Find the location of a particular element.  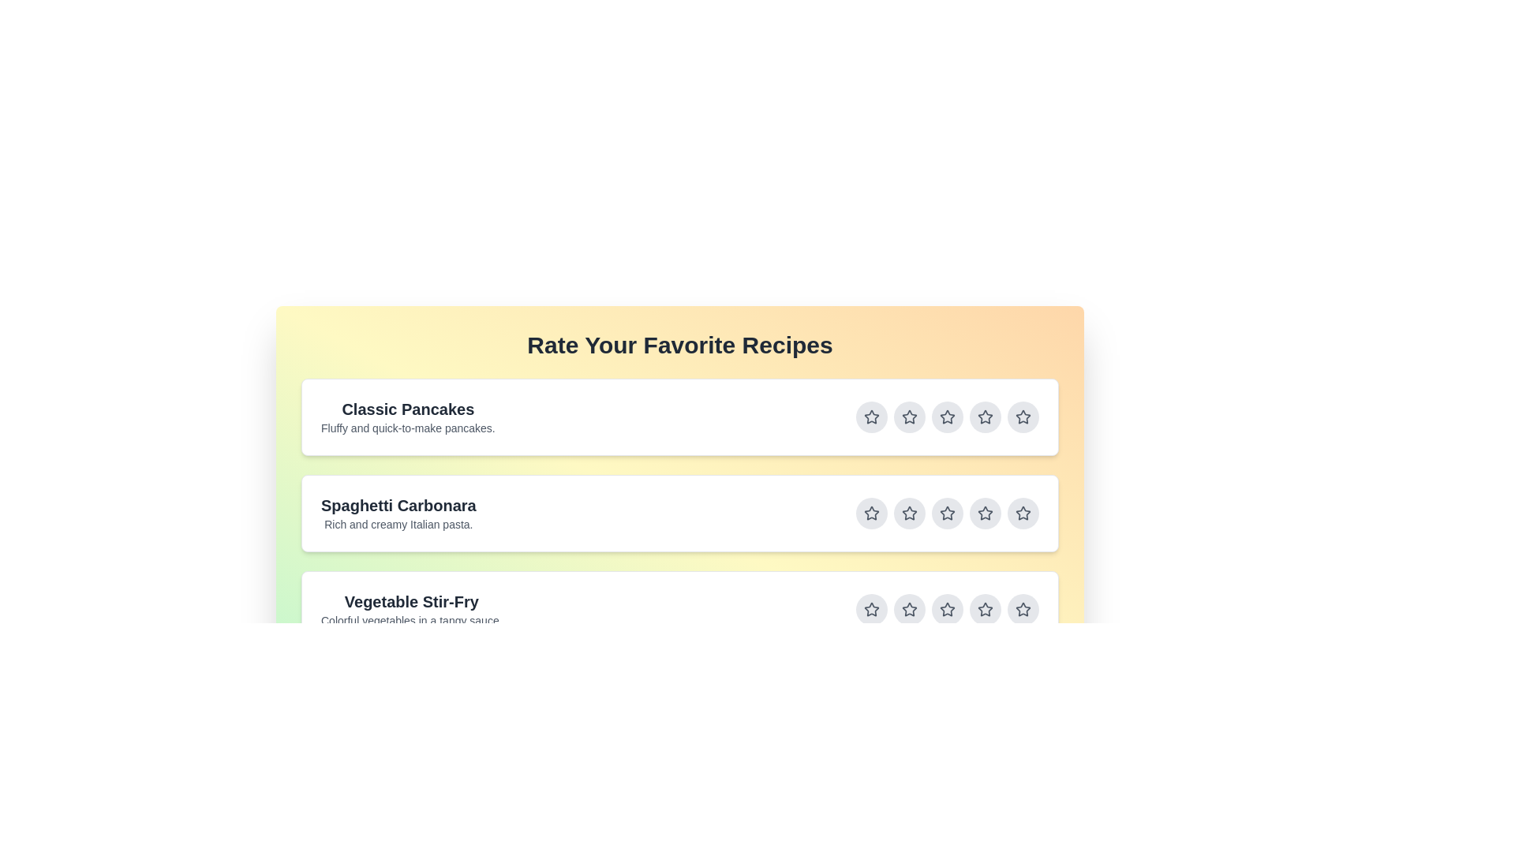

the star button corresponding to 1 stars for the recipe titled Vegetable Stir-Fry is located at coordinates (870, 608).